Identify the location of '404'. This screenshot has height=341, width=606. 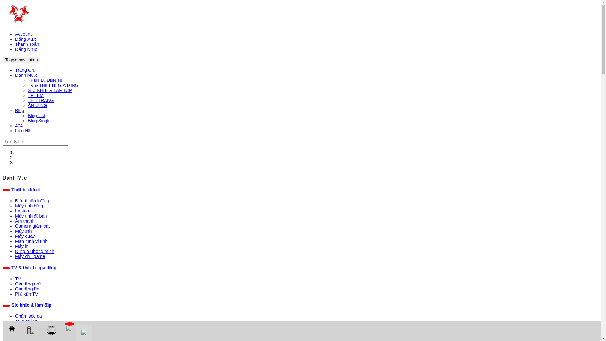
(19, 125).